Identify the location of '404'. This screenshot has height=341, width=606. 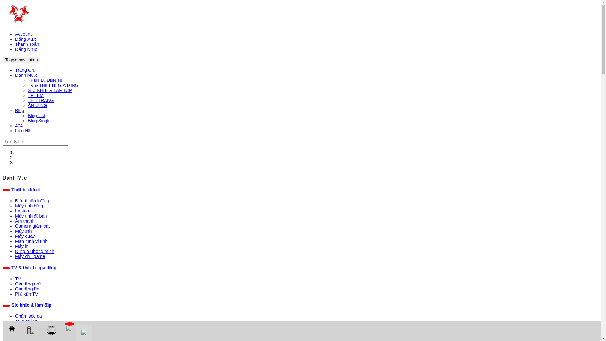
(19, 125).